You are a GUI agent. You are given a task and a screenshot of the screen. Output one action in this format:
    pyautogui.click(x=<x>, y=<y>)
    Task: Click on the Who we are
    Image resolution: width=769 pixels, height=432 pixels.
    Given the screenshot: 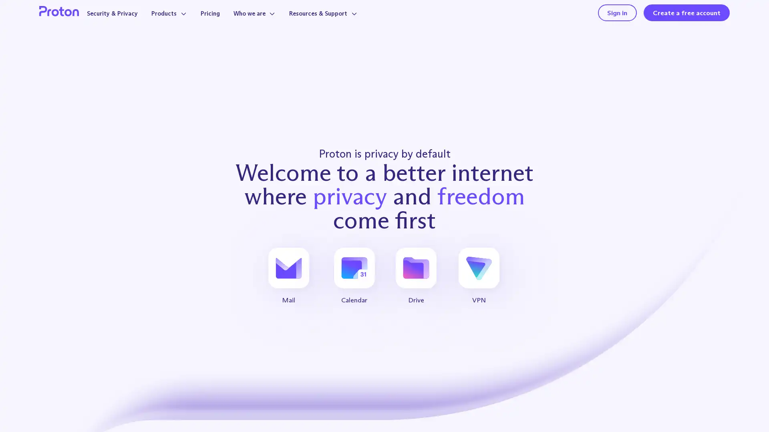 What is the action you would take?
    pyautogui.click(x=272, y=20)
    